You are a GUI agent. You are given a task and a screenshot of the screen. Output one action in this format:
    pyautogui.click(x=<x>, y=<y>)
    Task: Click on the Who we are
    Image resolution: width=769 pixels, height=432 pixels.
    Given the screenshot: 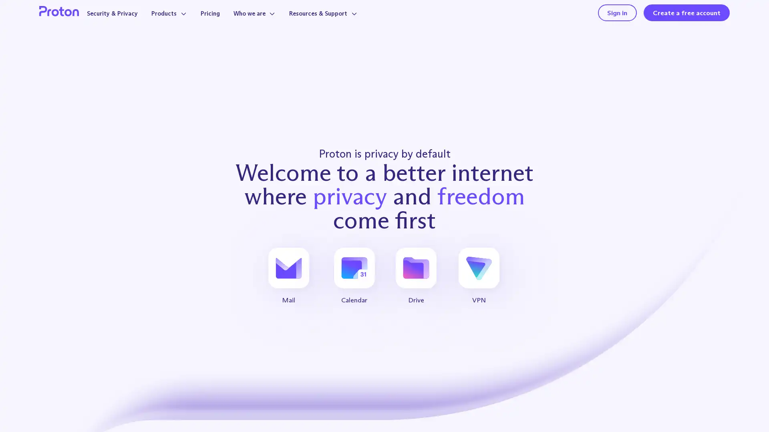 What is the action you would take?
    pyautogui.click(x=272, y=20)
    